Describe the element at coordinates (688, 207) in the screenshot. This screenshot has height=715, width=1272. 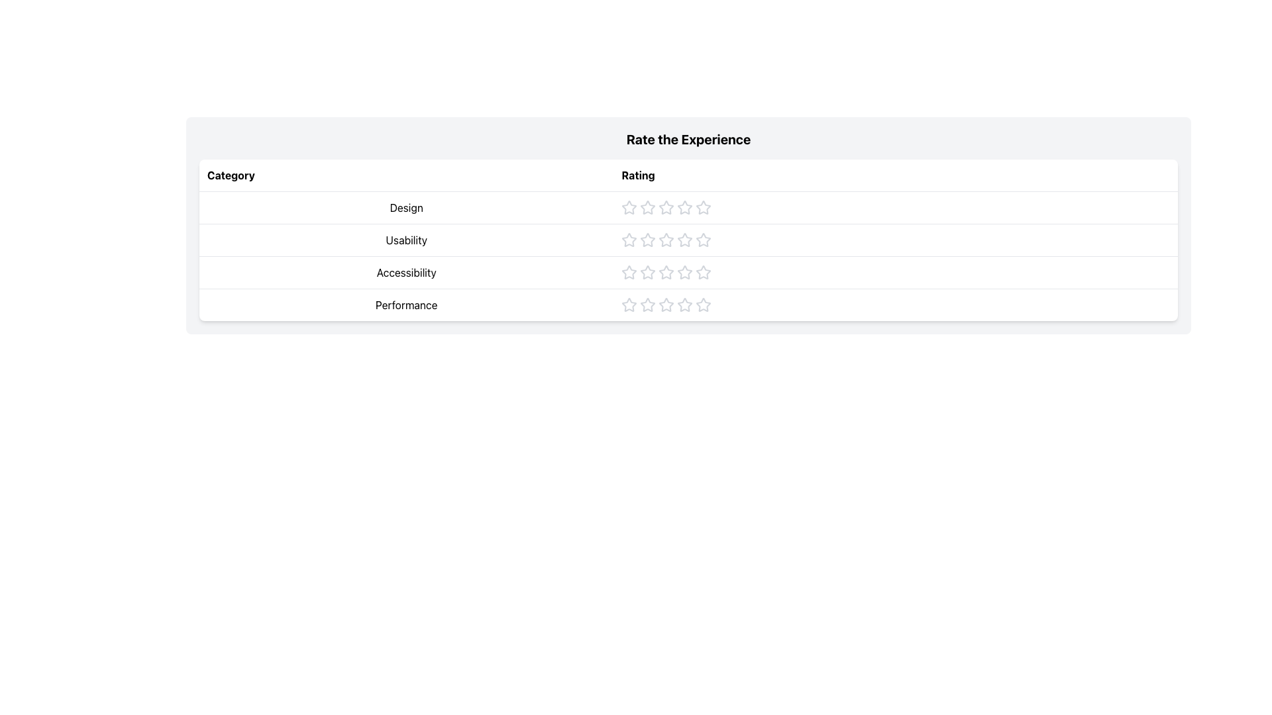
I see `the first star in the Rating row for the 'Design' category to assign a rating` at that location.